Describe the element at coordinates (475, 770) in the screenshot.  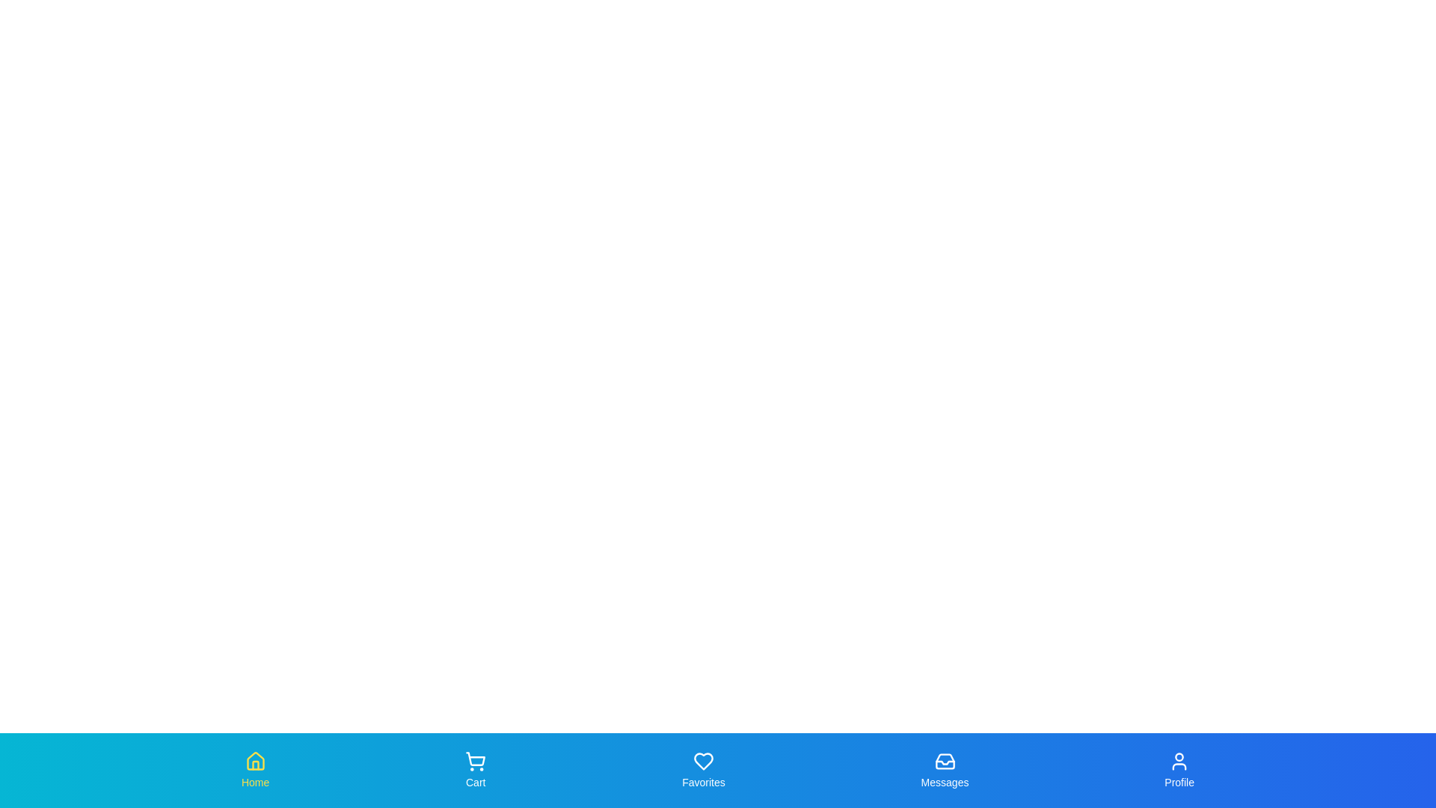
I see `the tab labeled Cart by clicking on it` at that location.